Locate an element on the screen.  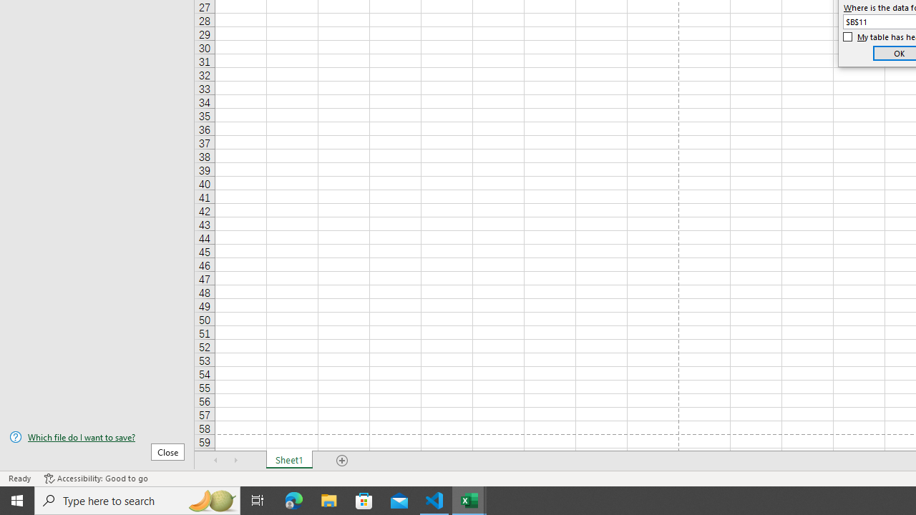
'Add Sheet' is located at coordinates (341, 461).